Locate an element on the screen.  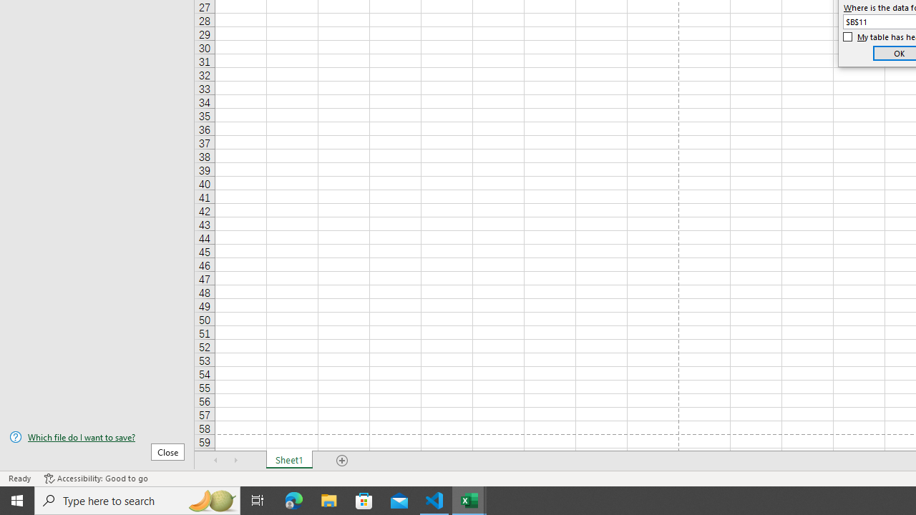
'Add Sheet' is located at coordinates (341, 461).